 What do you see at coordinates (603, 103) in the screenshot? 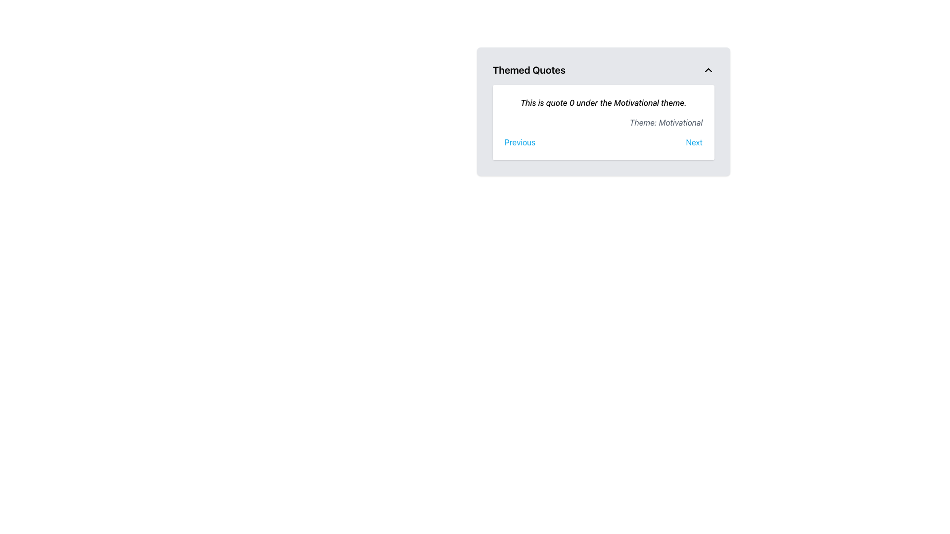
I see `text content of the italic text block that displays 'This is quote 0 under the Motivational theme.'` at bounding box center [603, 103].